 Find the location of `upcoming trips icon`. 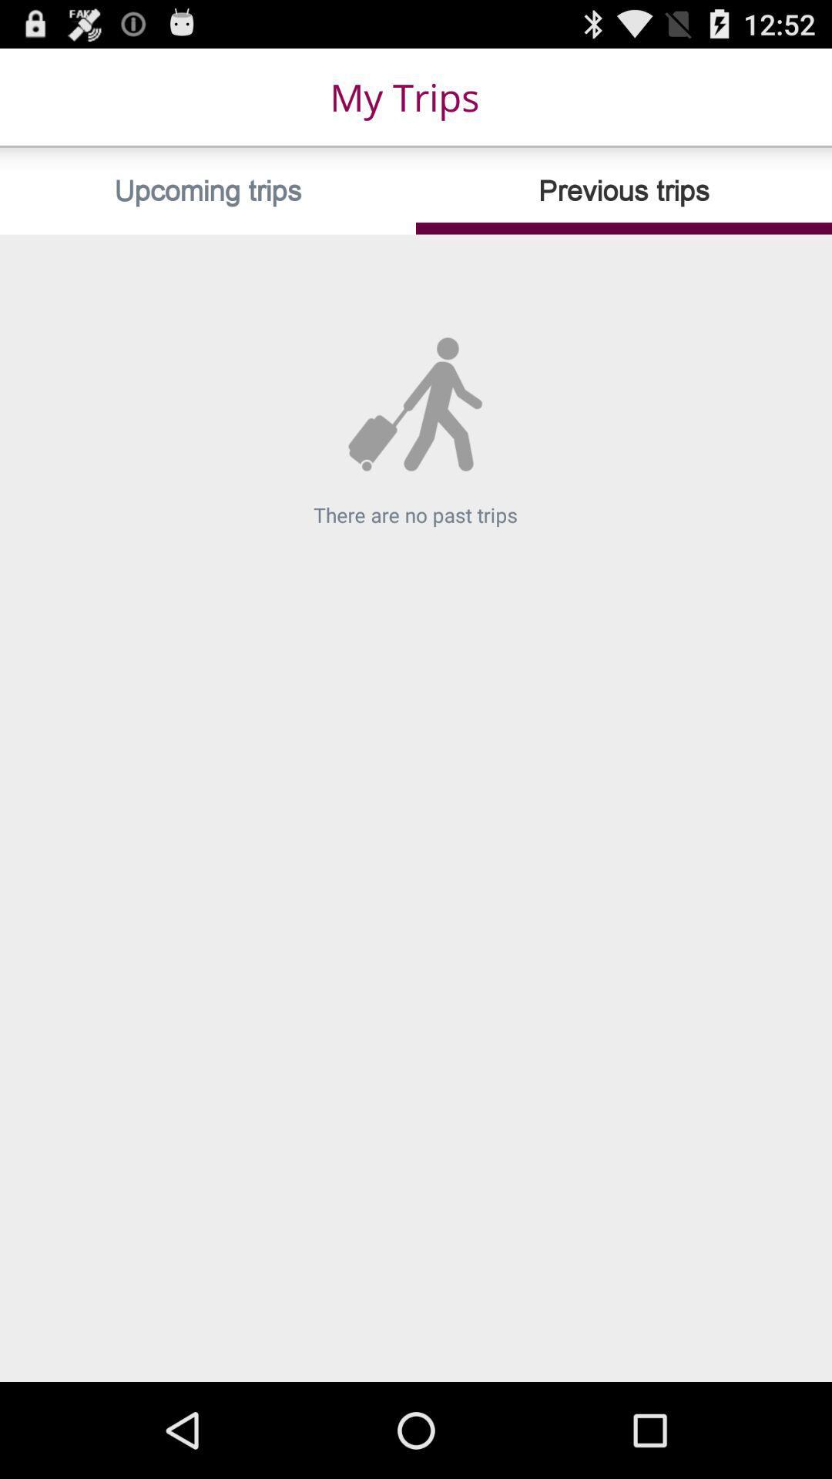

upcoming trips icon is located at coordinates (208, 190).